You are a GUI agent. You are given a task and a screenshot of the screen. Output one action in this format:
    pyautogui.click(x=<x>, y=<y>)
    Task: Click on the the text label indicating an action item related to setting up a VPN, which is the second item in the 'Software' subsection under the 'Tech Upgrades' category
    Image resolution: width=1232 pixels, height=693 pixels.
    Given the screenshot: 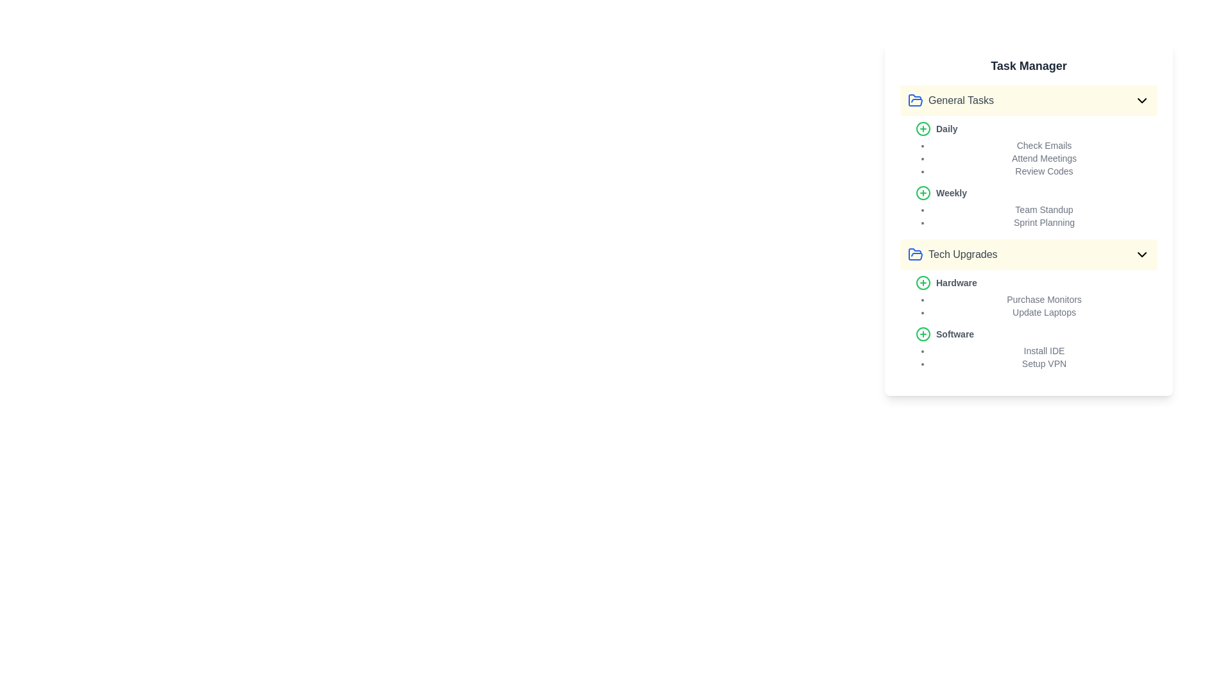 What is the action you would take?
    pyautogui.click(x=1044, y=364)
    